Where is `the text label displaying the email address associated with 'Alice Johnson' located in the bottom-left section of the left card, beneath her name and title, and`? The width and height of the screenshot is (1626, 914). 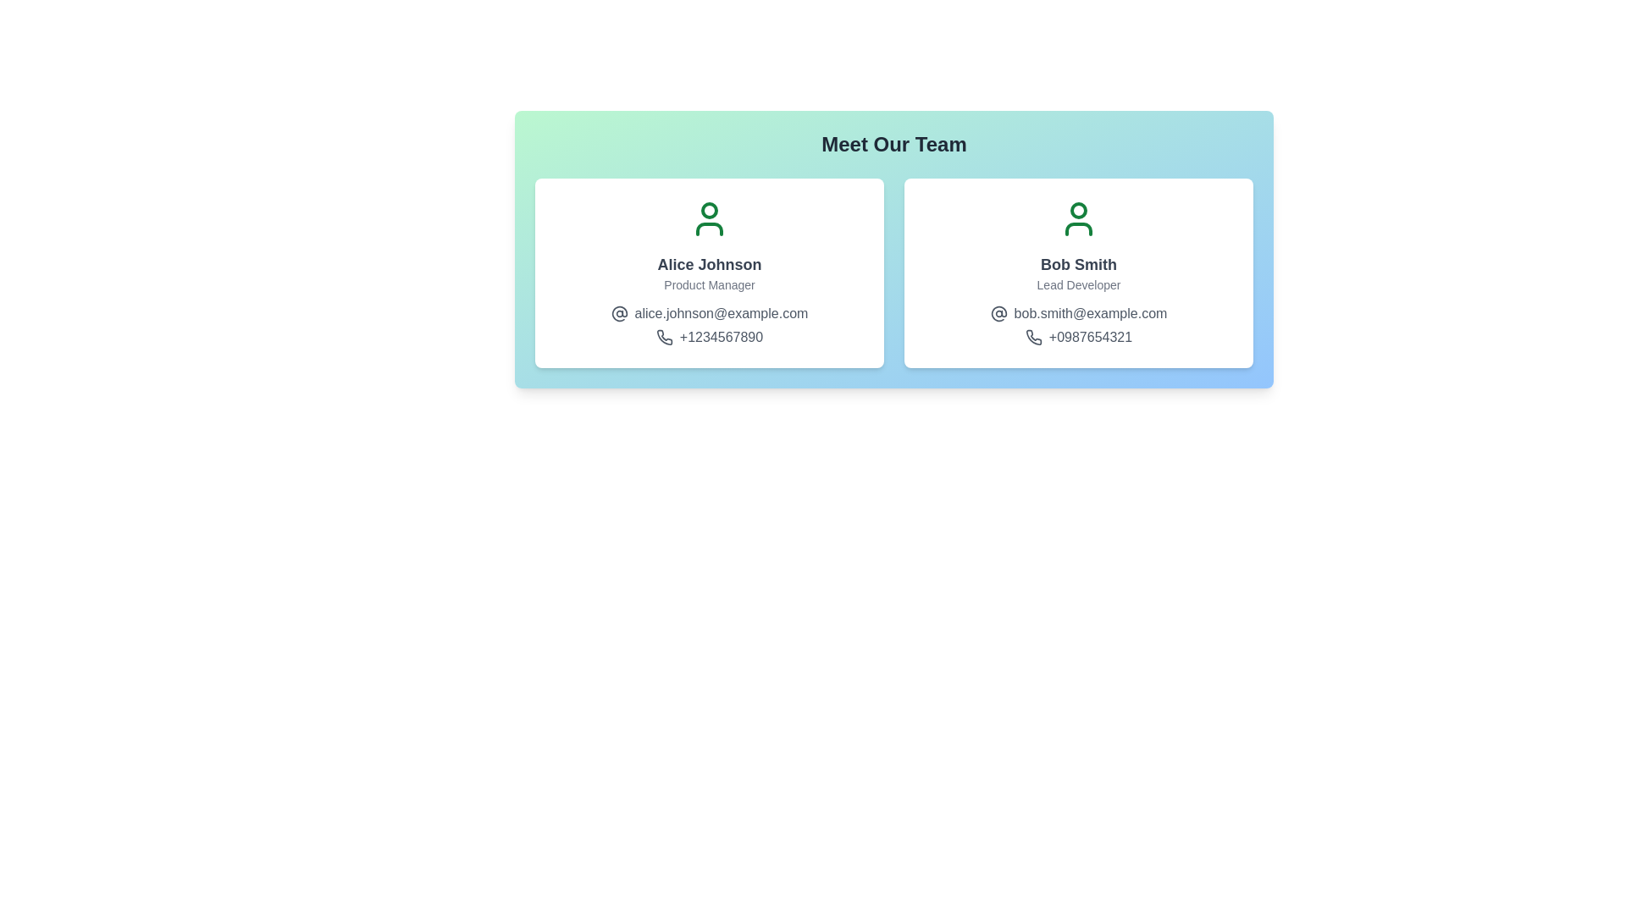
the text label displaying the email address associated with 'Alice Johnson' located in the bottom-left section of the left card, beneath her name and title, and is located at coordinates (721, 313).